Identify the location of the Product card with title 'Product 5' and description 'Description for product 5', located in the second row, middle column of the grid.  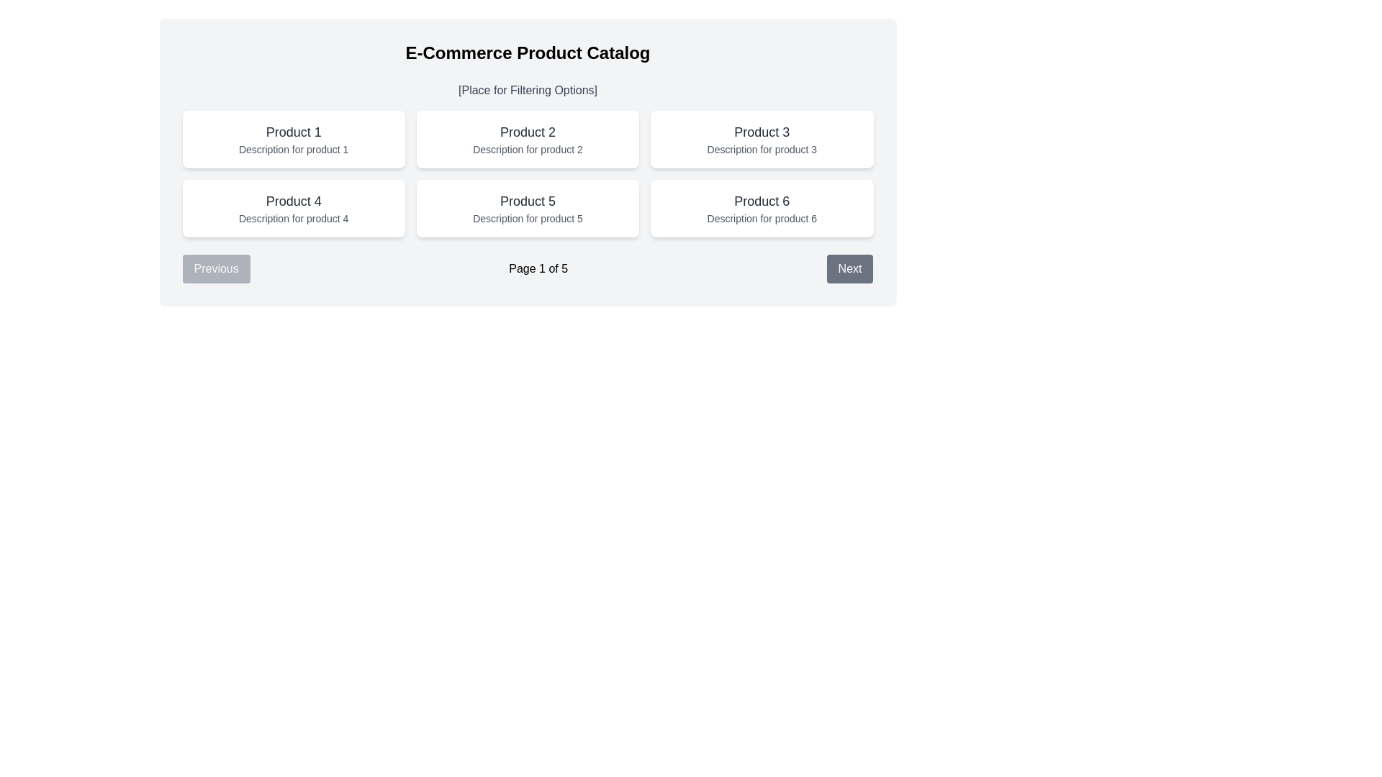
(527, 208).